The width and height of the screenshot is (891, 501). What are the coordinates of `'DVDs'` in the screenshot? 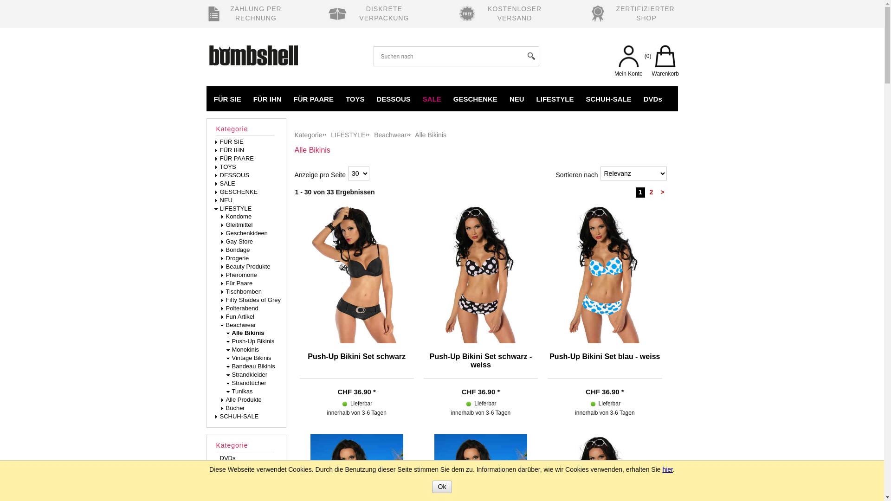 It's located at (227, 457).